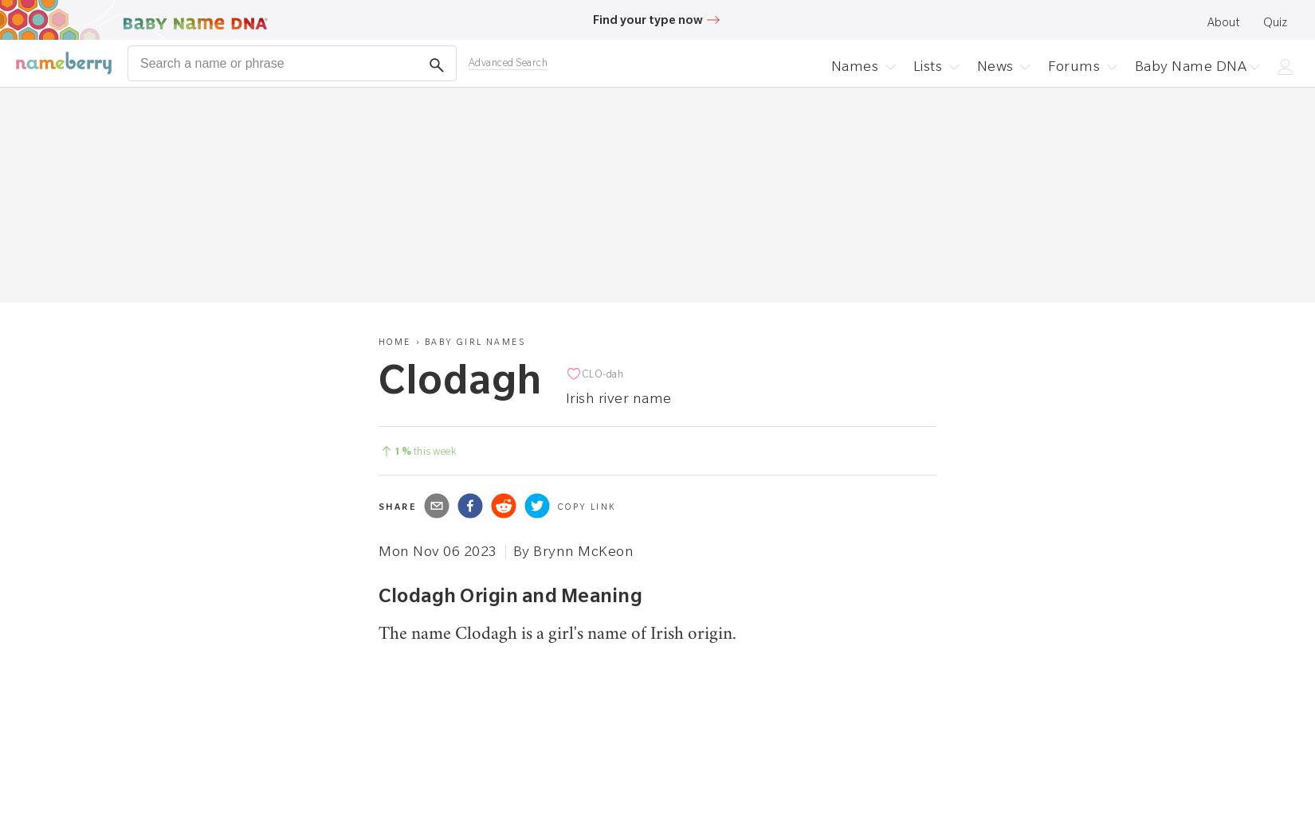 The width and height of the screenshot is (1315, 826). Describe the element at coordinates (617, 397) in the screenshot. I see `'Irish river name'` at that location.